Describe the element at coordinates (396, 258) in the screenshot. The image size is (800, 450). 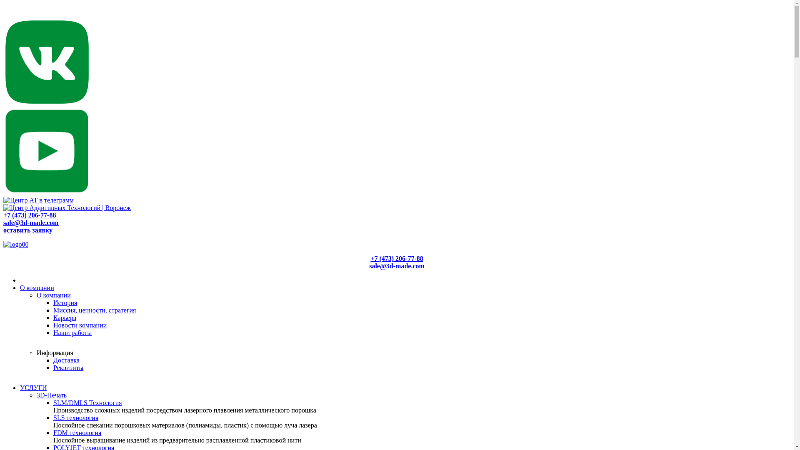
I see `'+7 (473) 206-77-88'` at that location.